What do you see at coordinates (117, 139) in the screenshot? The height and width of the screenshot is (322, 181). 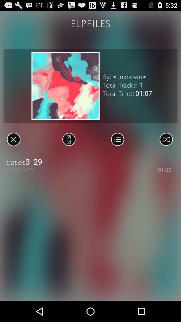 I see `open current playlist` at bounding box center [117, 139].